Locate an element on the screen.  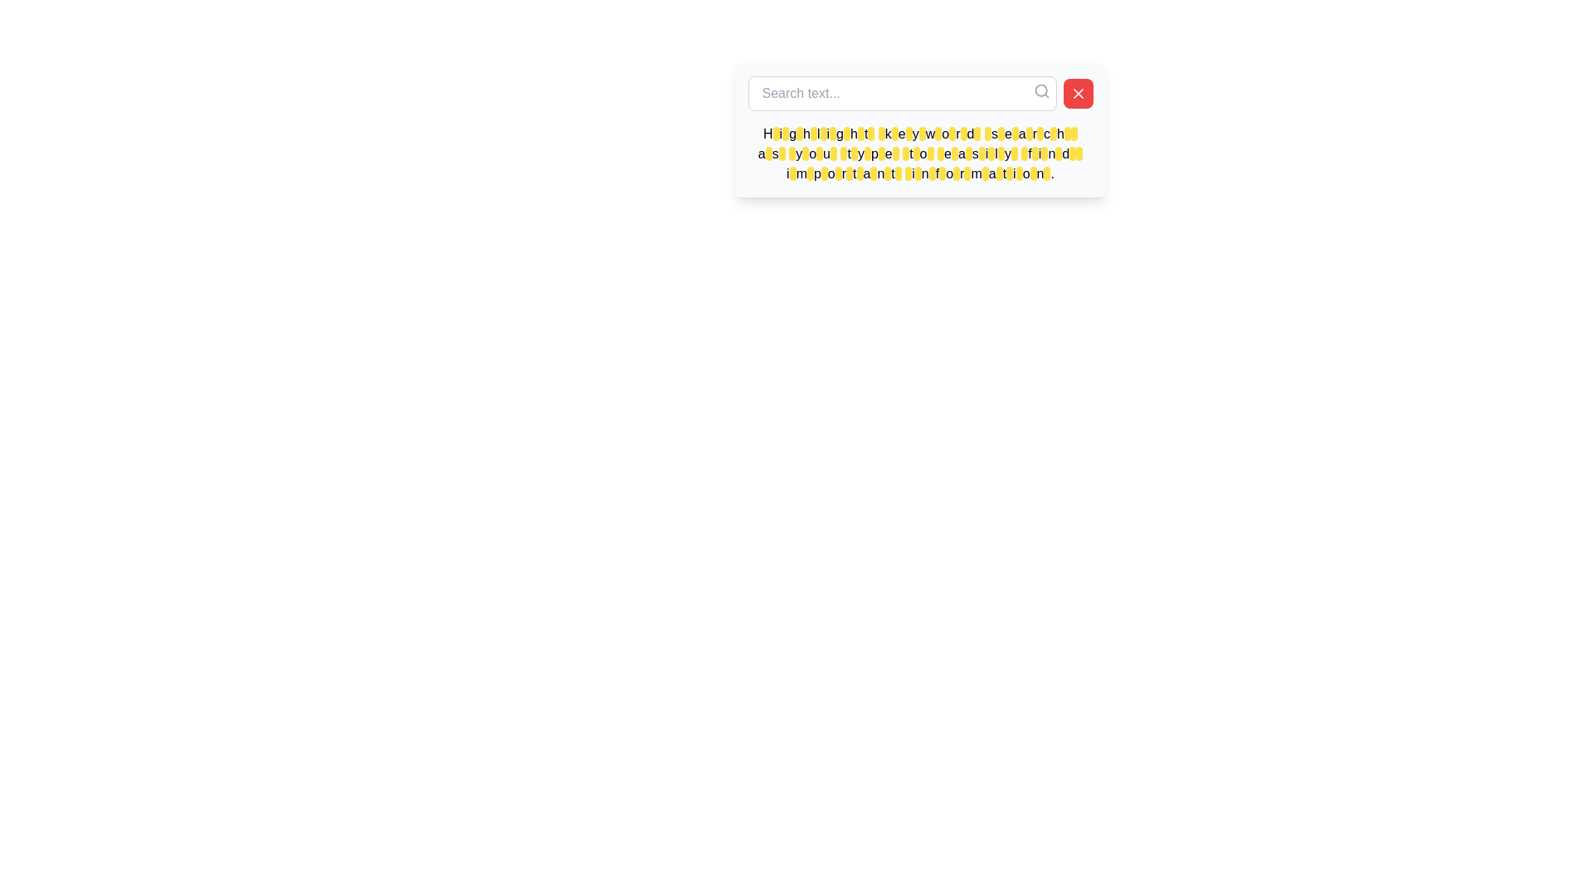
the rightmost yellow-highlighted text marker in the first row of highlights to emphasize specific keywords or phrases is located at coordinates (1067, 133).